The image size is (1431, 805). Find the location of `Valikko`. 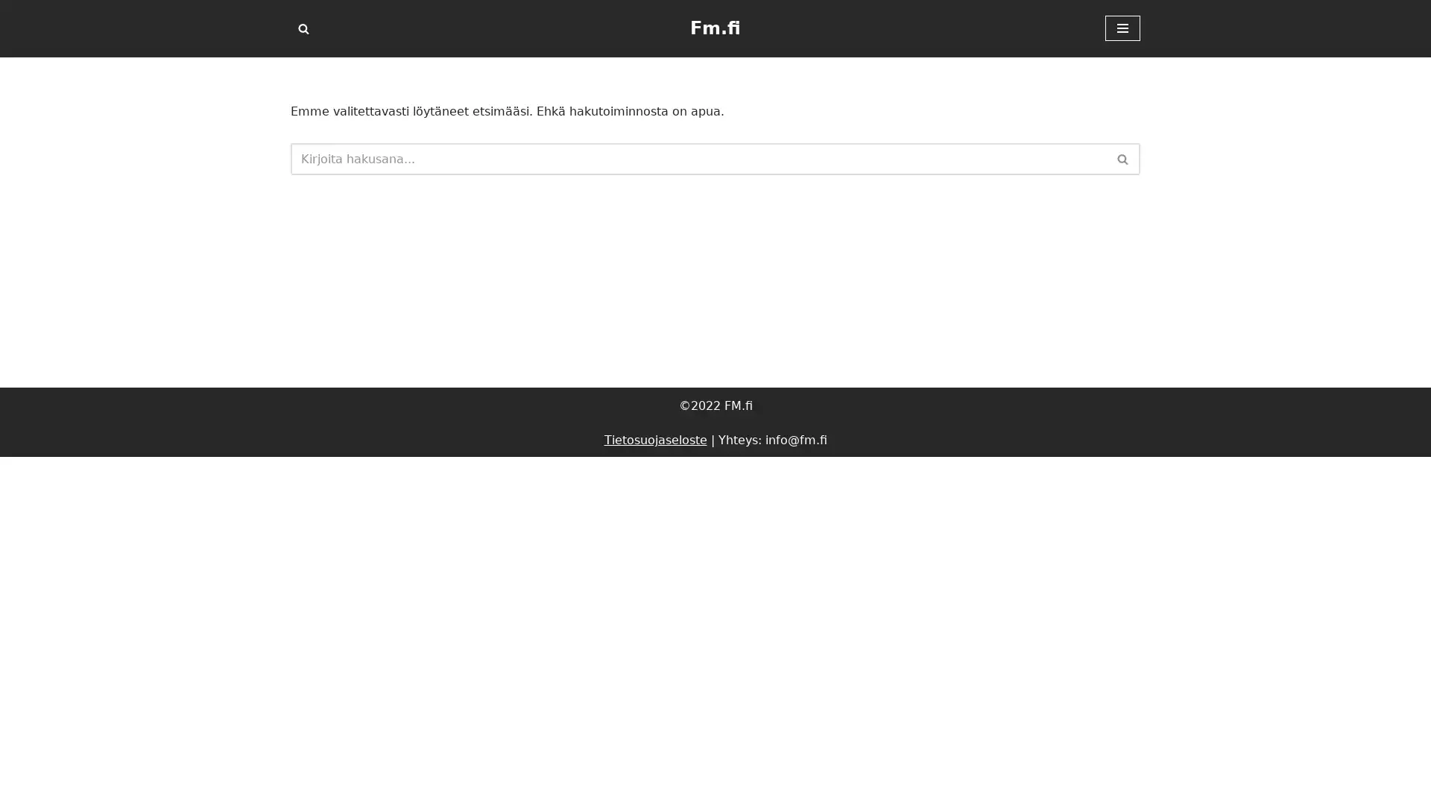

Valikko is located at coordinates (1122, 28).